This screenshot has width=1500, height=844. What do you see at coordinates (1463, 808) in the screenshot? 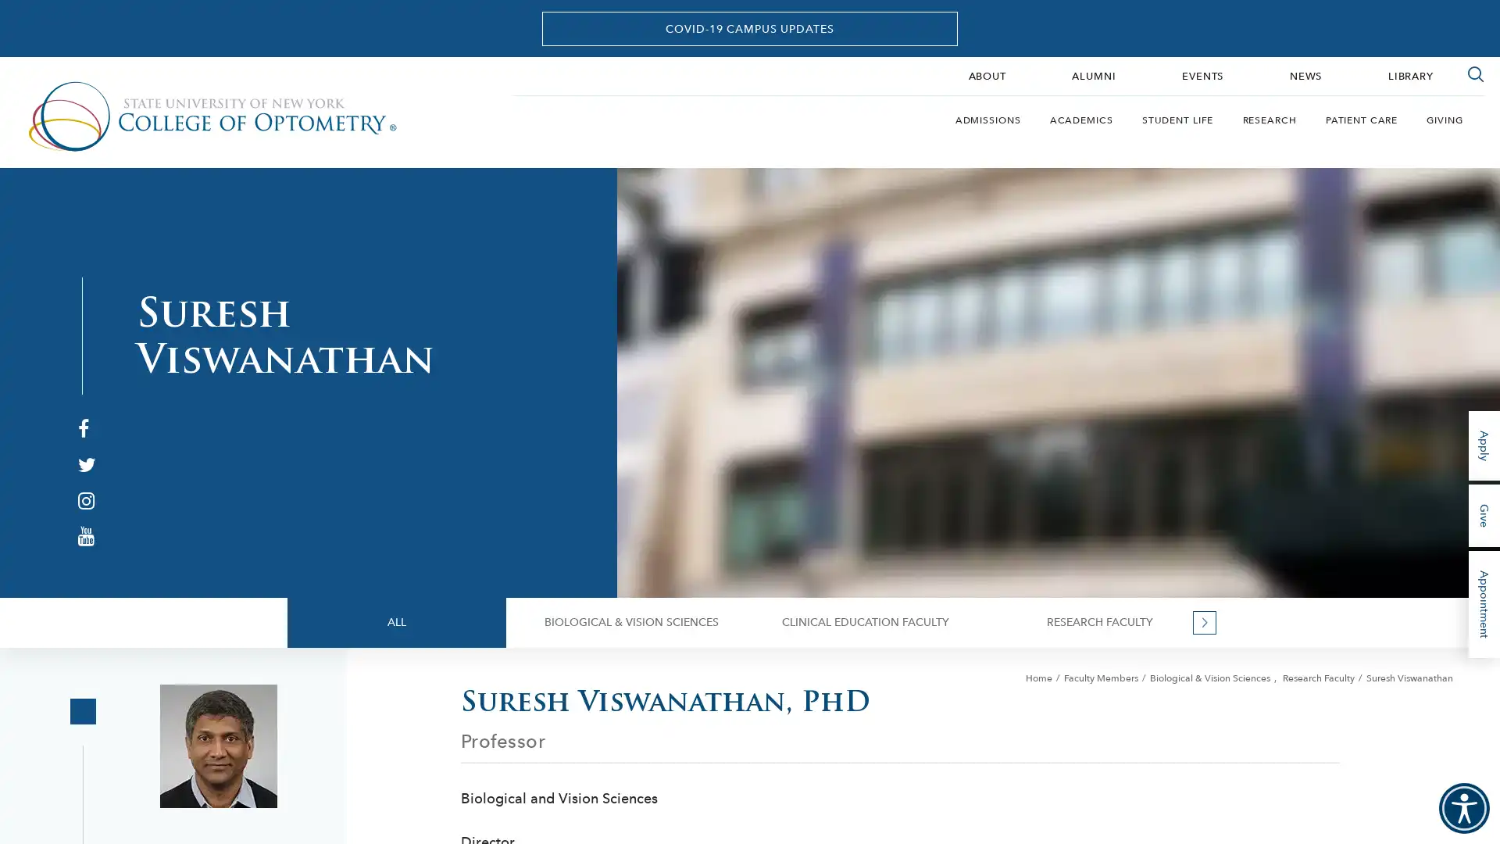
I see `Accessibility Menu` at bounding box center [1463, 808].